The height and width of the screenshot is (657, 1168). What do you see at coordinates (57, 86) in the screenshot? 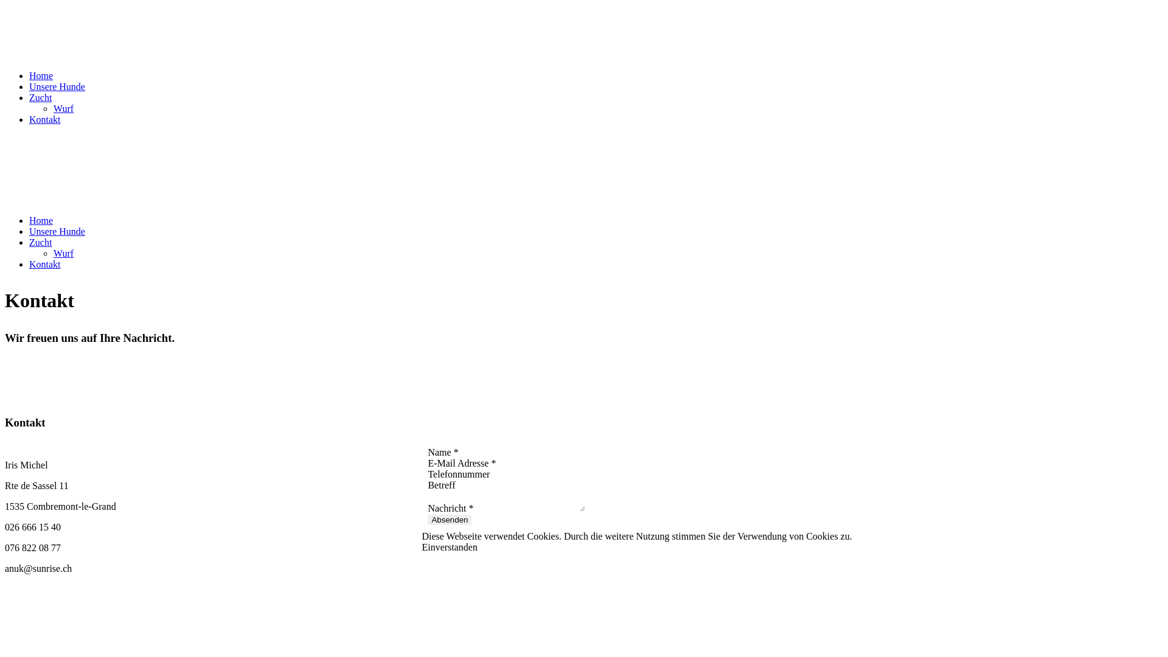
I see `'Unsere Hunde'` at bounding box center [57, 86].